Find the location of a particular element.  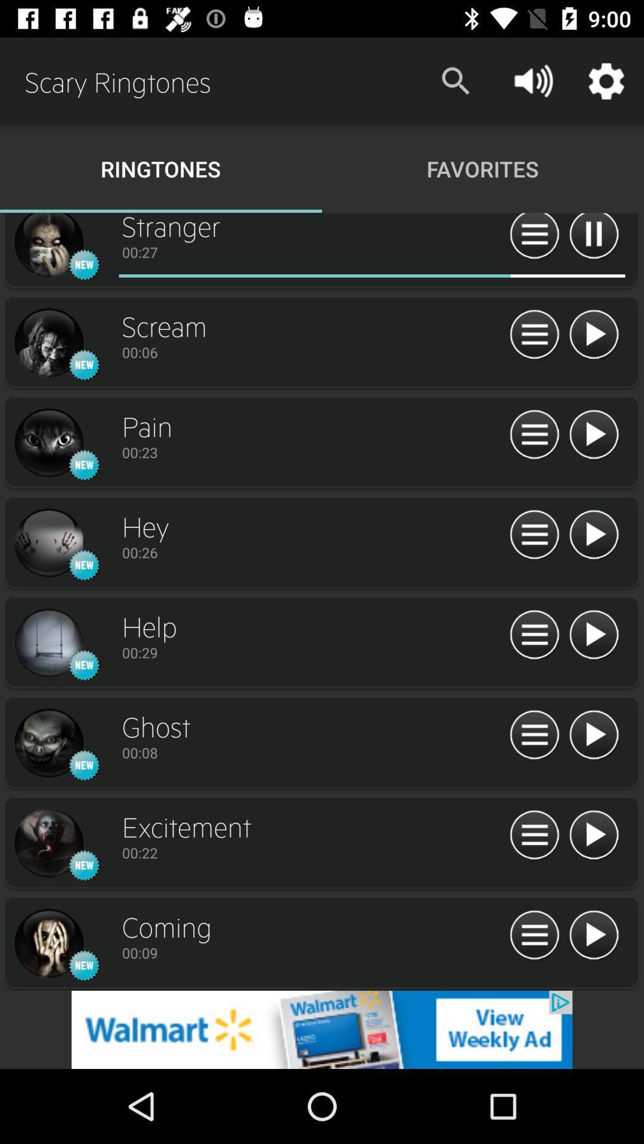

ringtone is located at coordinates (593, 534).